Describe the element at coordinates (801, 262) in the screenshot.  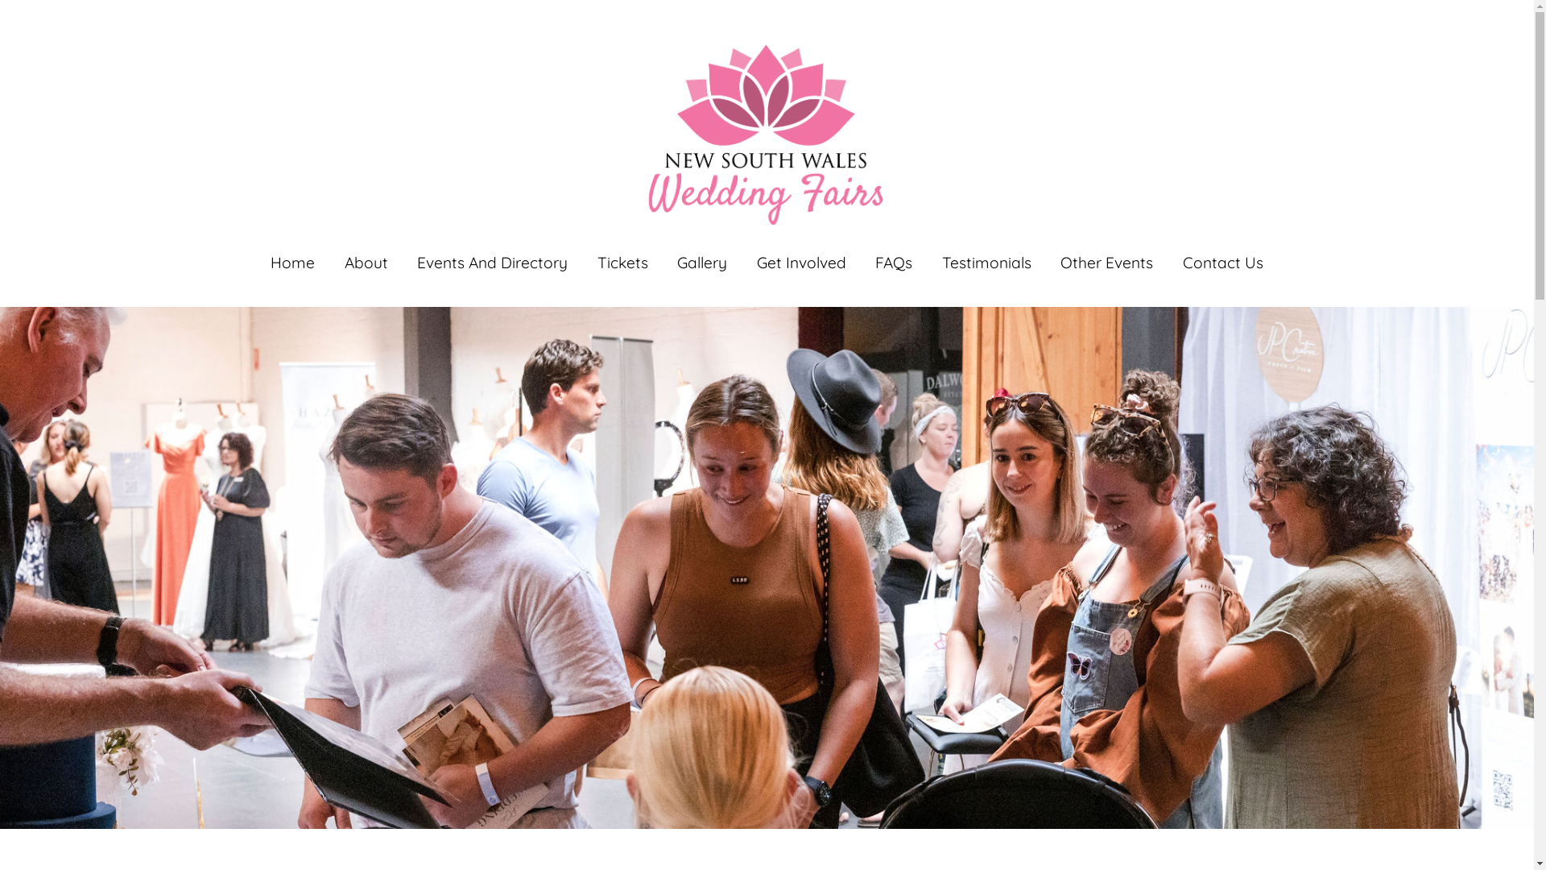
I see `'Get Involved'` at that location.